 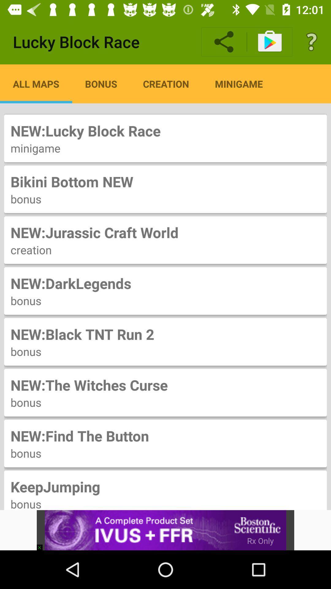 What do you see at coordinates (36, 83) in the screenshot?
I see `icon below lucky block race icon` at bounding box center [36, 83].